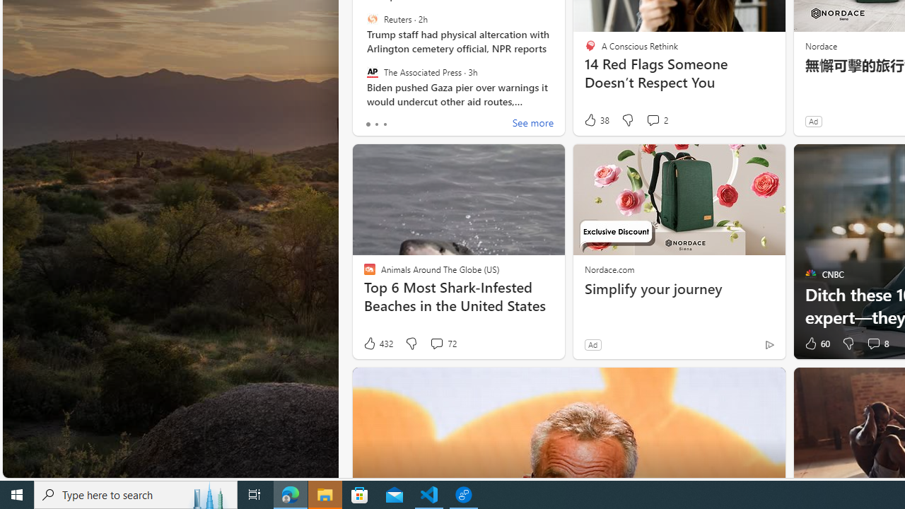 The height and width of the screenshot is (509, 905). I want to click on 'View comments 8 Comment', so click(872, 344).